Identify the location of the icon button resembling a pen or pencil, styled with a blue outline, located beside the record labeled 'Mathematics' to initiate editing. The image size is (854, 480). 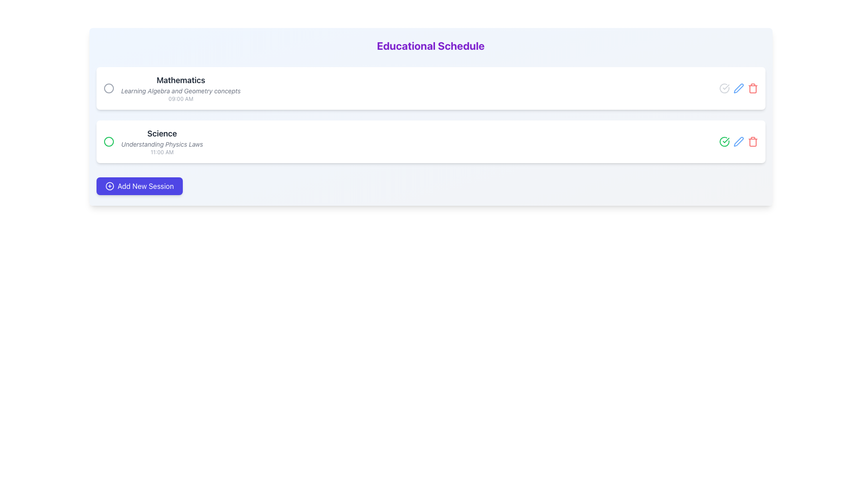
(738, 88).